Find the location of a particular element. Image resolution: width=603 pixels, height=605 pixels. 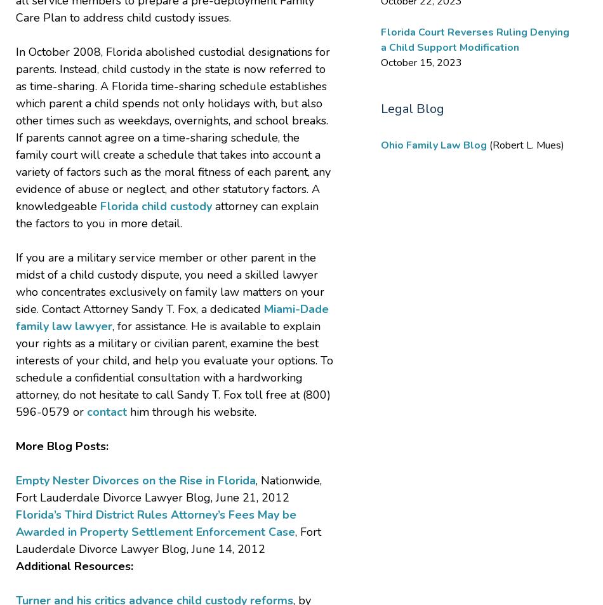

'Additional Resources:' is located at coordinates (15, 565).